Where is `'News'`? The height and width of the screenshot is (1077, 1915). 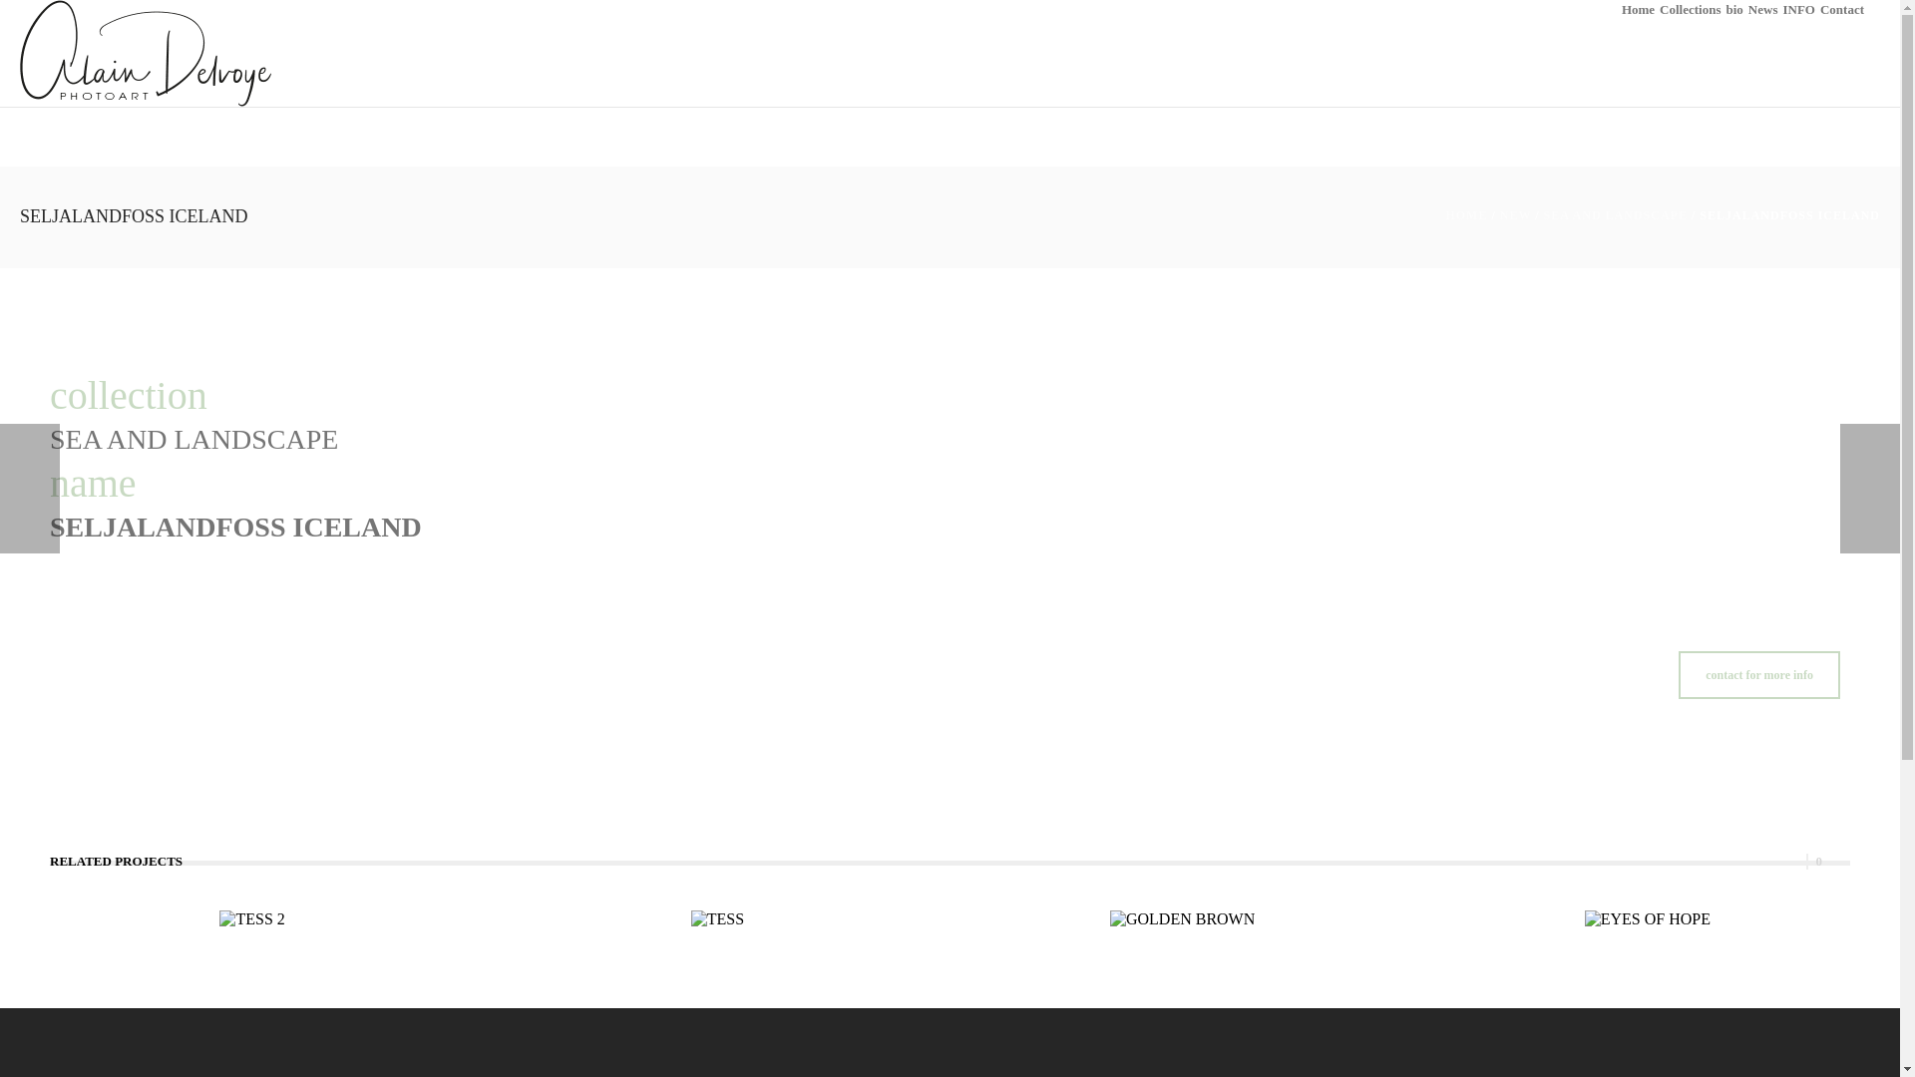
'News' is located at coordinates (1762, 10).